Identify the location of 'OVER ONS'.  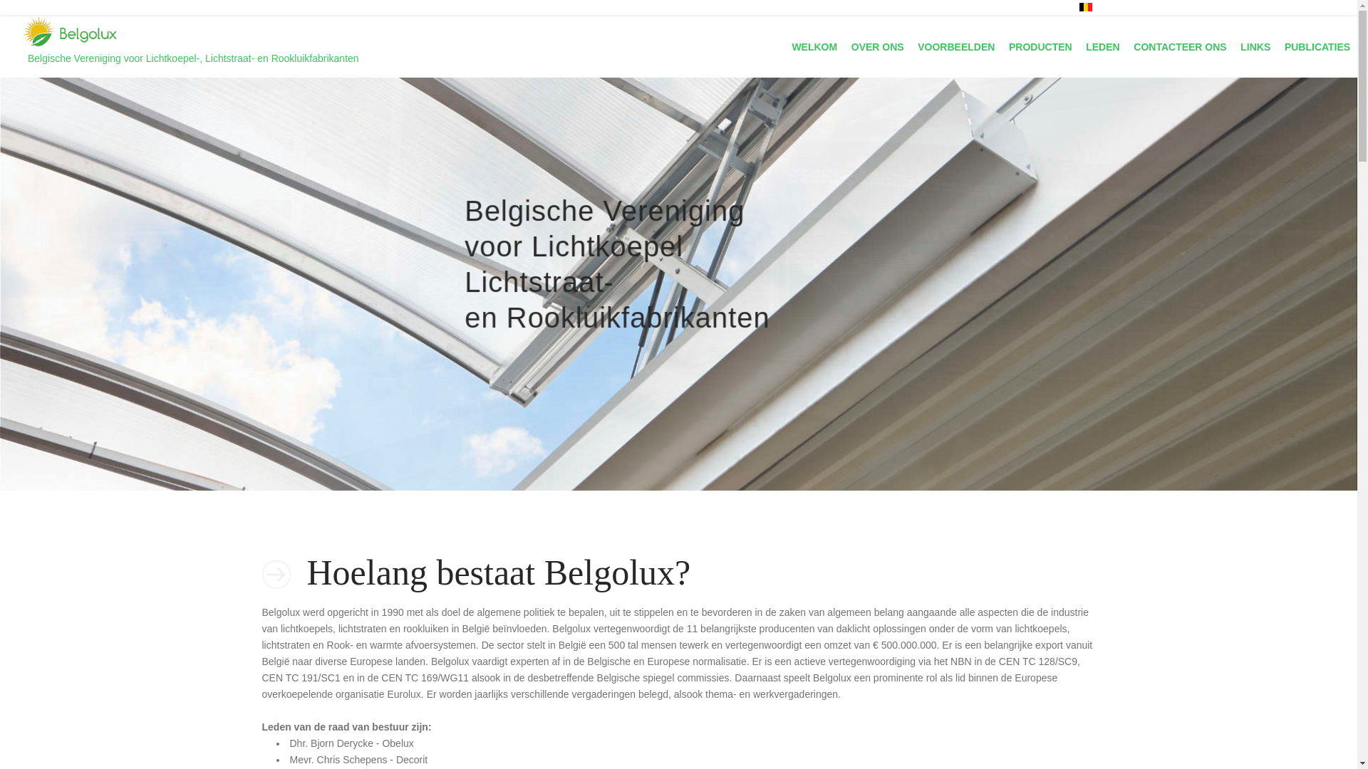
(877, 46).